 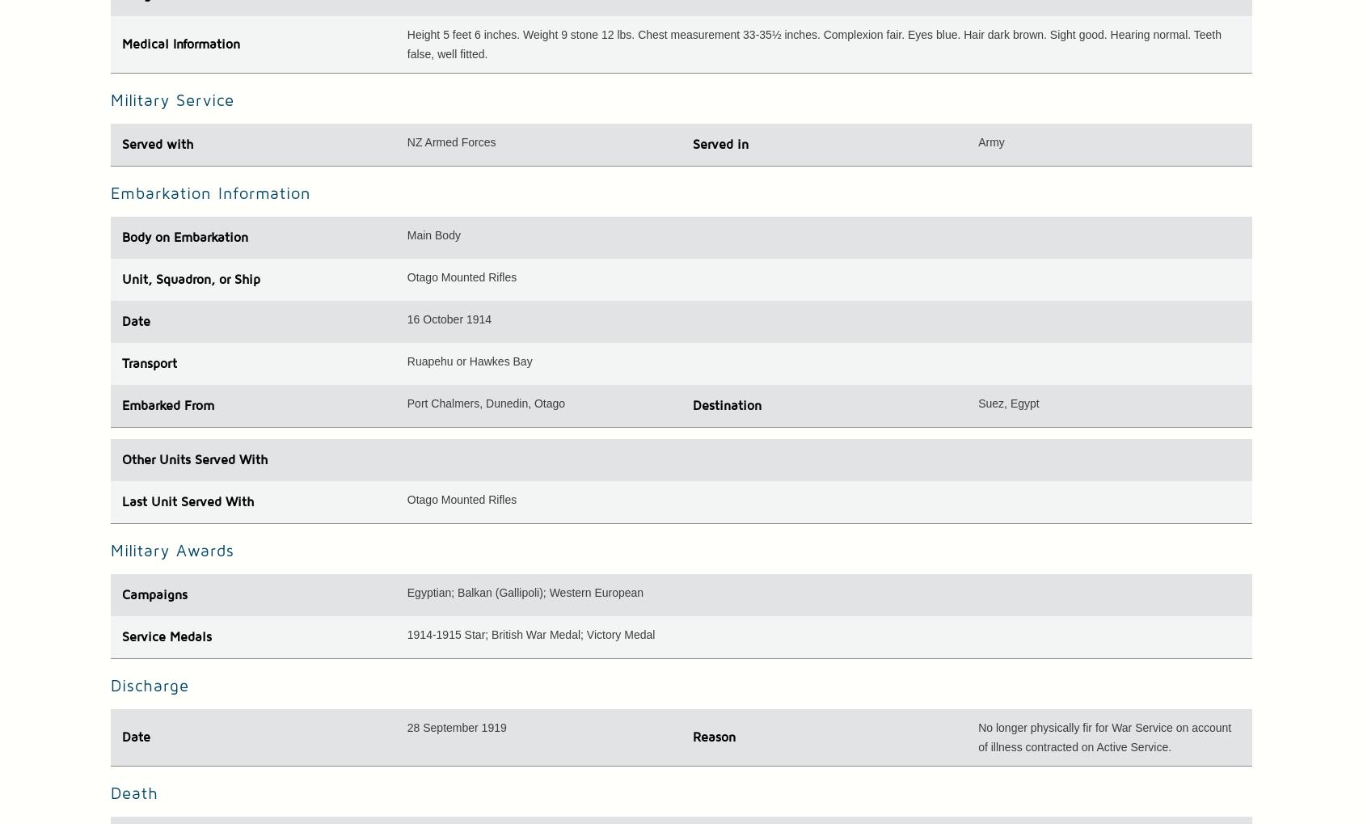 I want to click on 'Body', so click(x=135, y=235).